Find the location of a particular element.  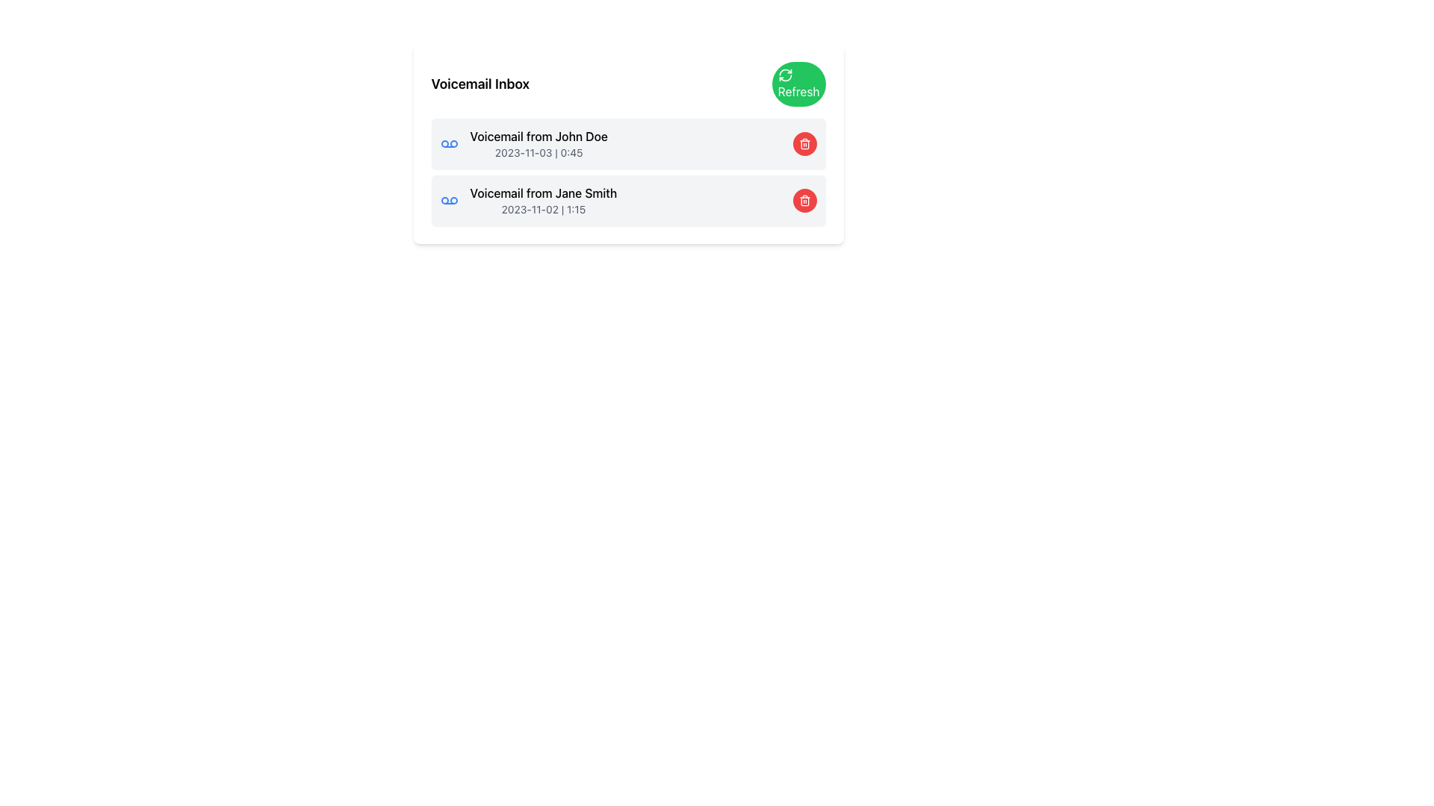

the voicemail icon located at the leftmost side of the row labeled 'Voicemail from John Doe' in the voicemail list is located at coordinates (448, 143).